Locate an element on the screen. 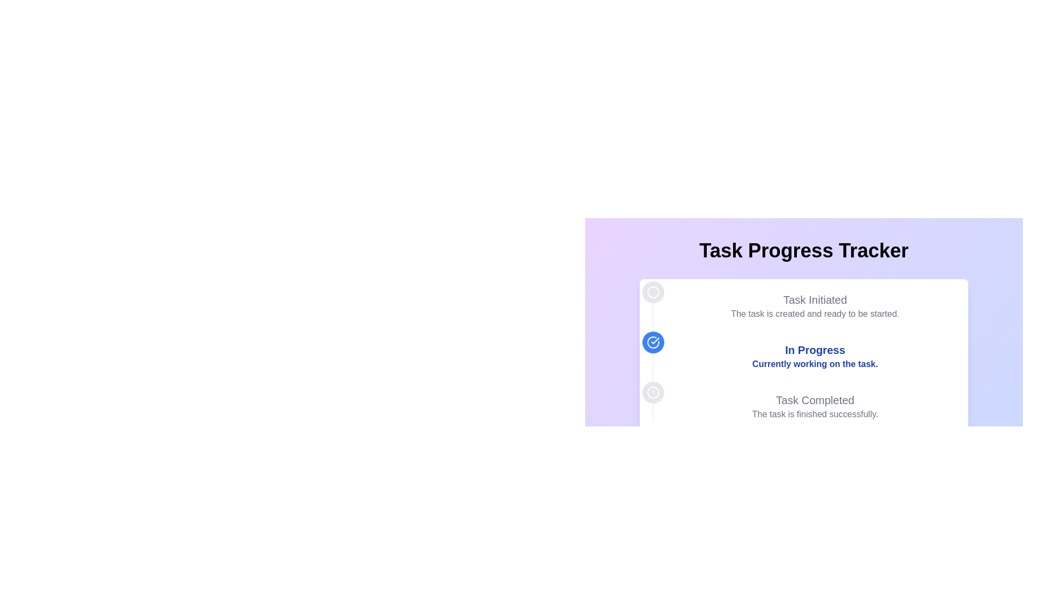  the status indicator text label that informs users about the task being in progress, located centrally above the 'Currently working on the task.' text in the progress tracker interface is located at coordinates (815, 350).